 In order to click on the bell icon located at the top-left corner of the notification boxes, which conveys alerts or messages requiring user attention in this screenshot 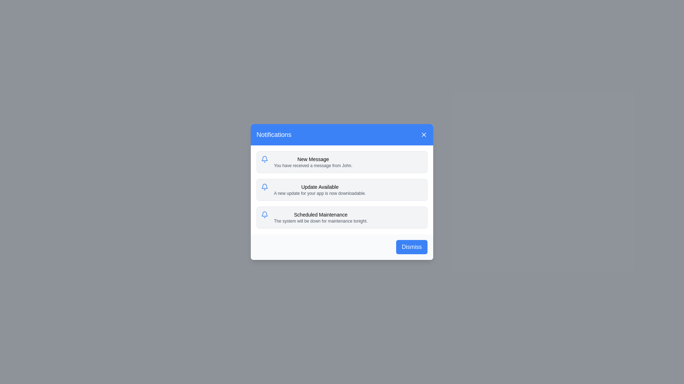, I will do `click(264, 186)`.